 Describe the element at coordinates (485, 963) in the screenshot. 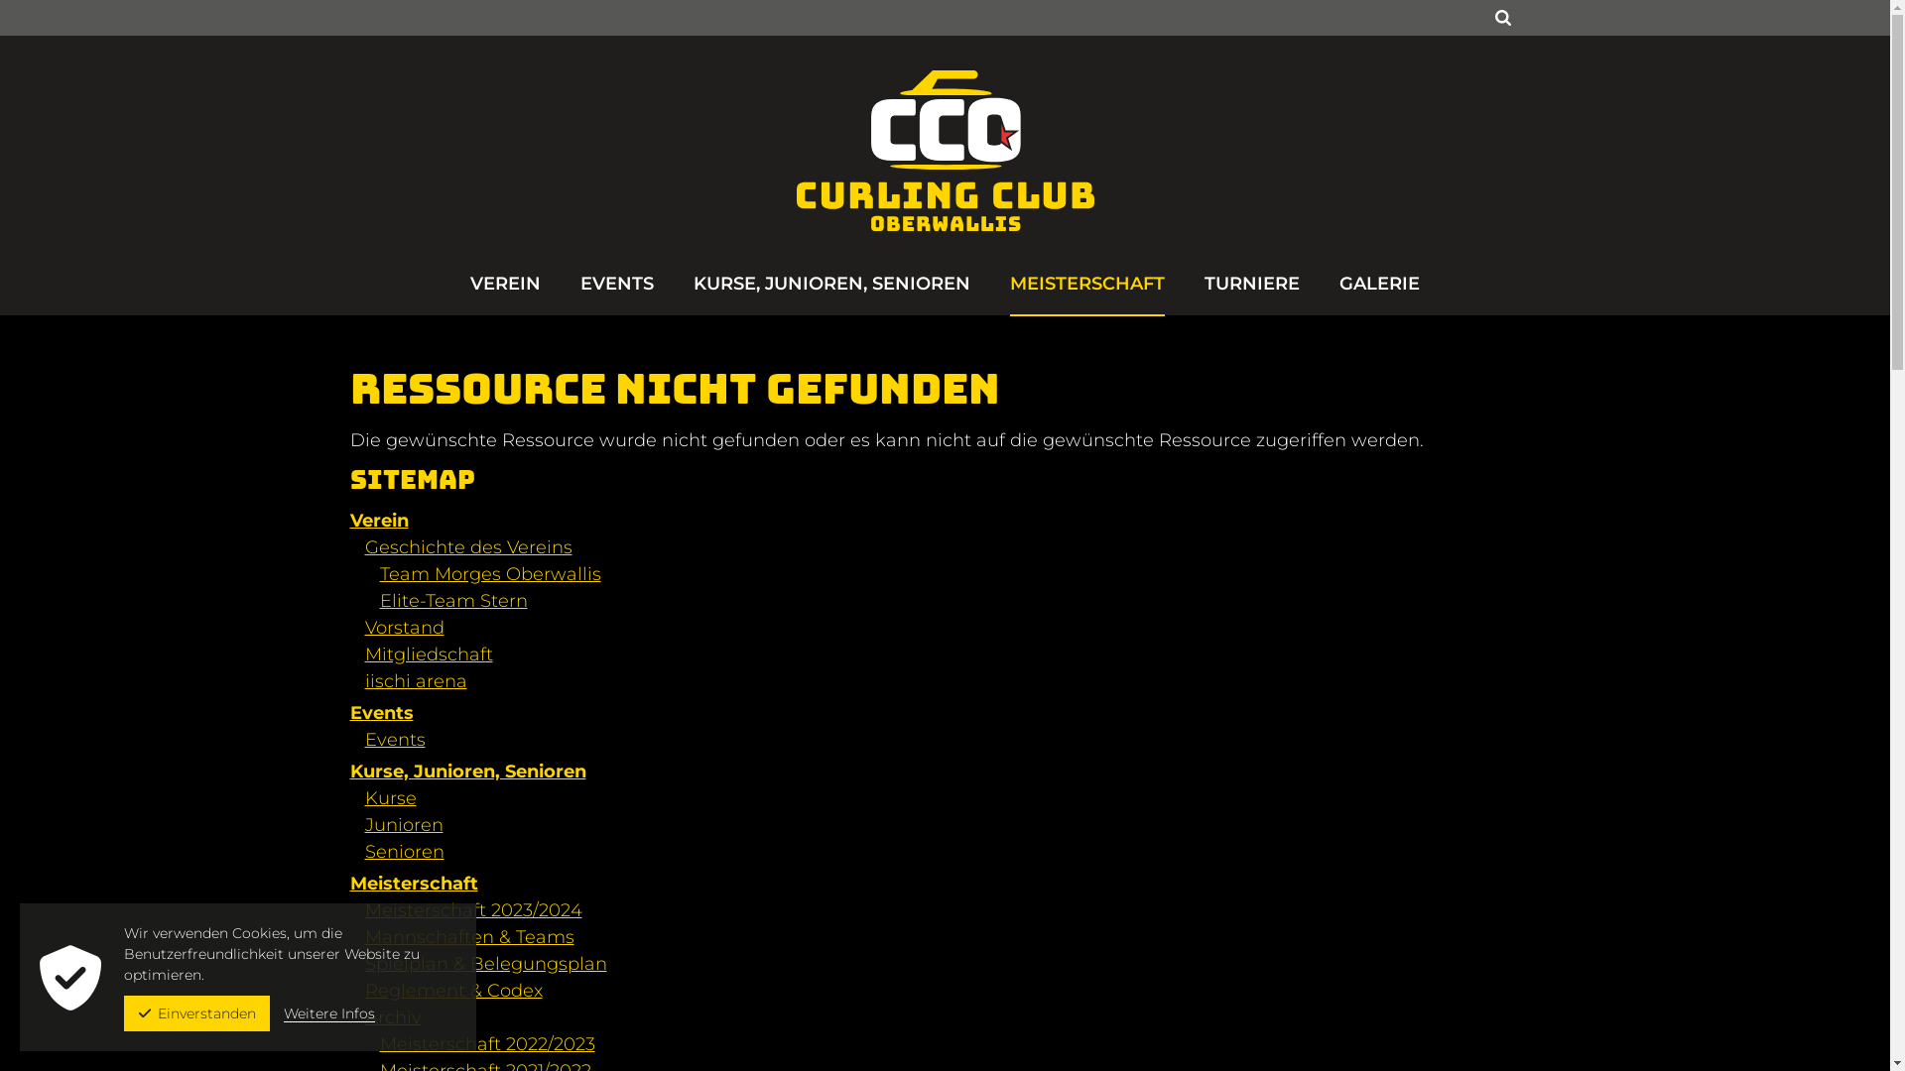

I see `'Spielplan & Belegungsplan'` at that location.